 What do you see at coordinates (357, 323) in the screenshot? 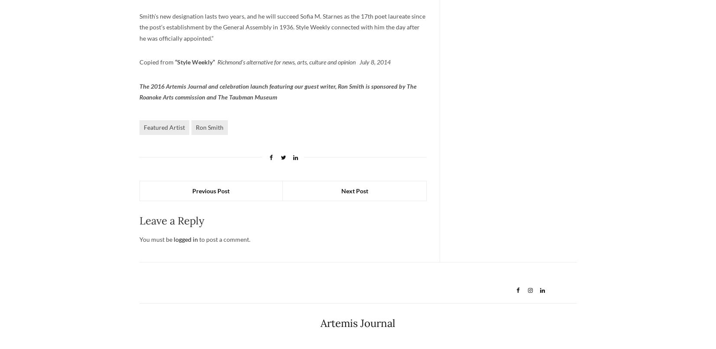
I see `'Artemis Journal'` at bounding box center [357, 323].